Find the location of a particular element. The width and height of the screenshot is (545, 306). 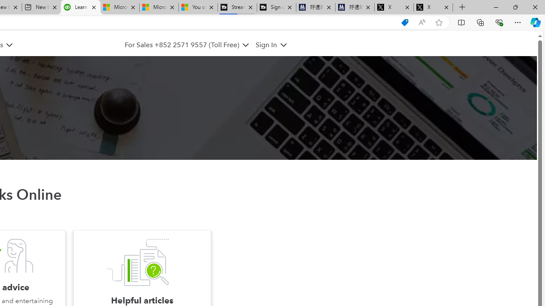

'Sign In' is located at coordinates (266, 45).